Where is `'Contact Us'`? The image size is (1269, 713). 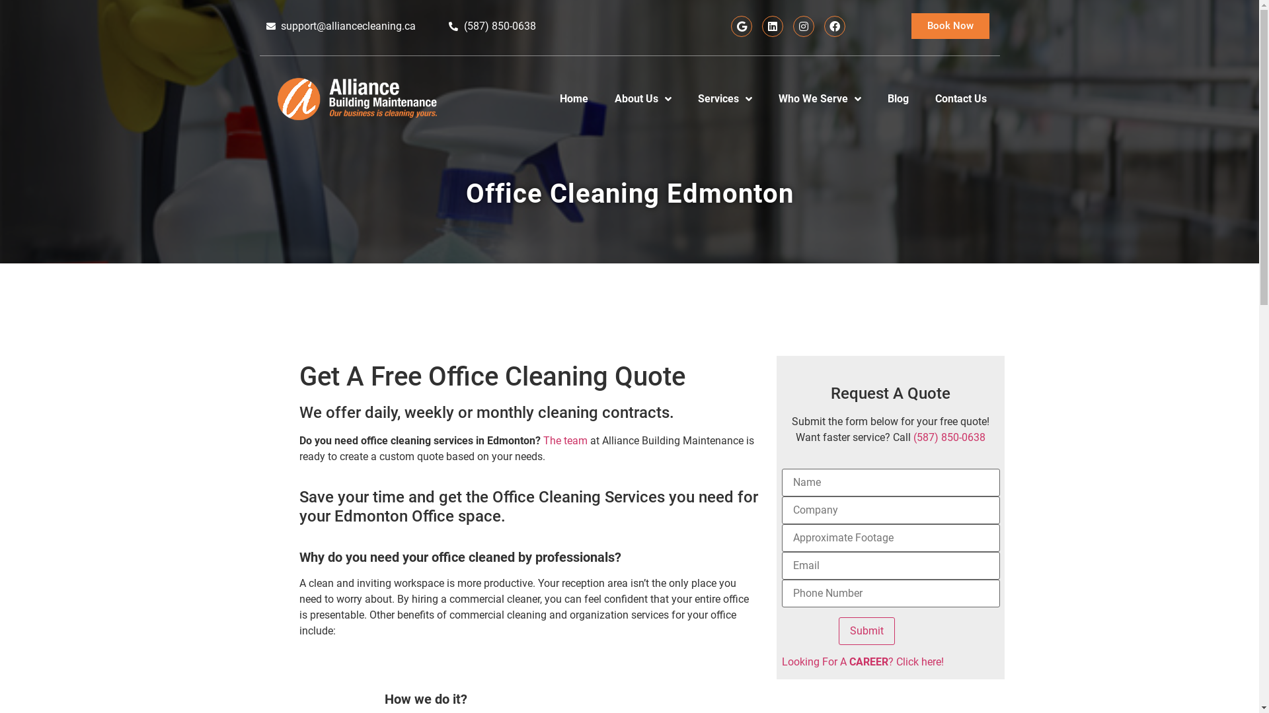 'Contact Us' is located at coordinates (960, 98).